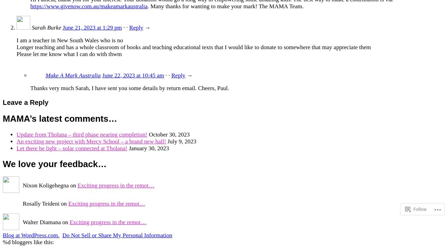  What do you see at coordinates (25, 102) in the screenshot?
I see `'Leave a Reply'` at bounding box center [25, 102].